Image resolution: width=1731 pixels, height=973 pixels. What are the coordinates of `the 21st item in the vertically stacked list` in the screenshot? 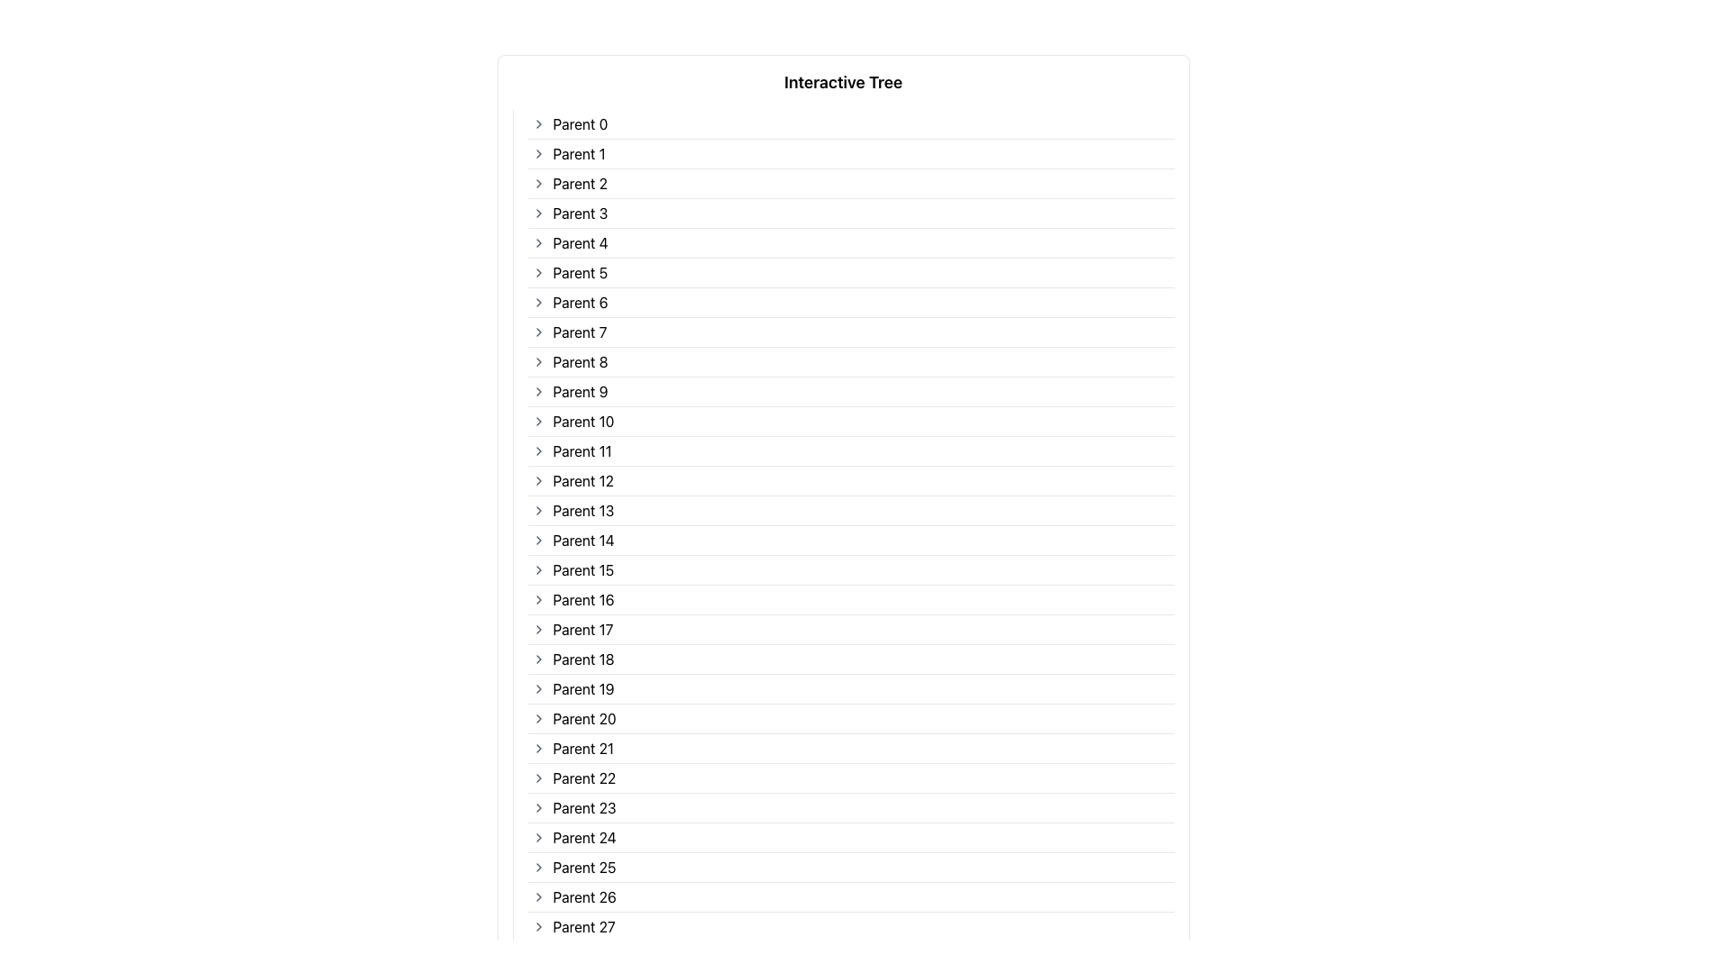 It's located at (850, 749).